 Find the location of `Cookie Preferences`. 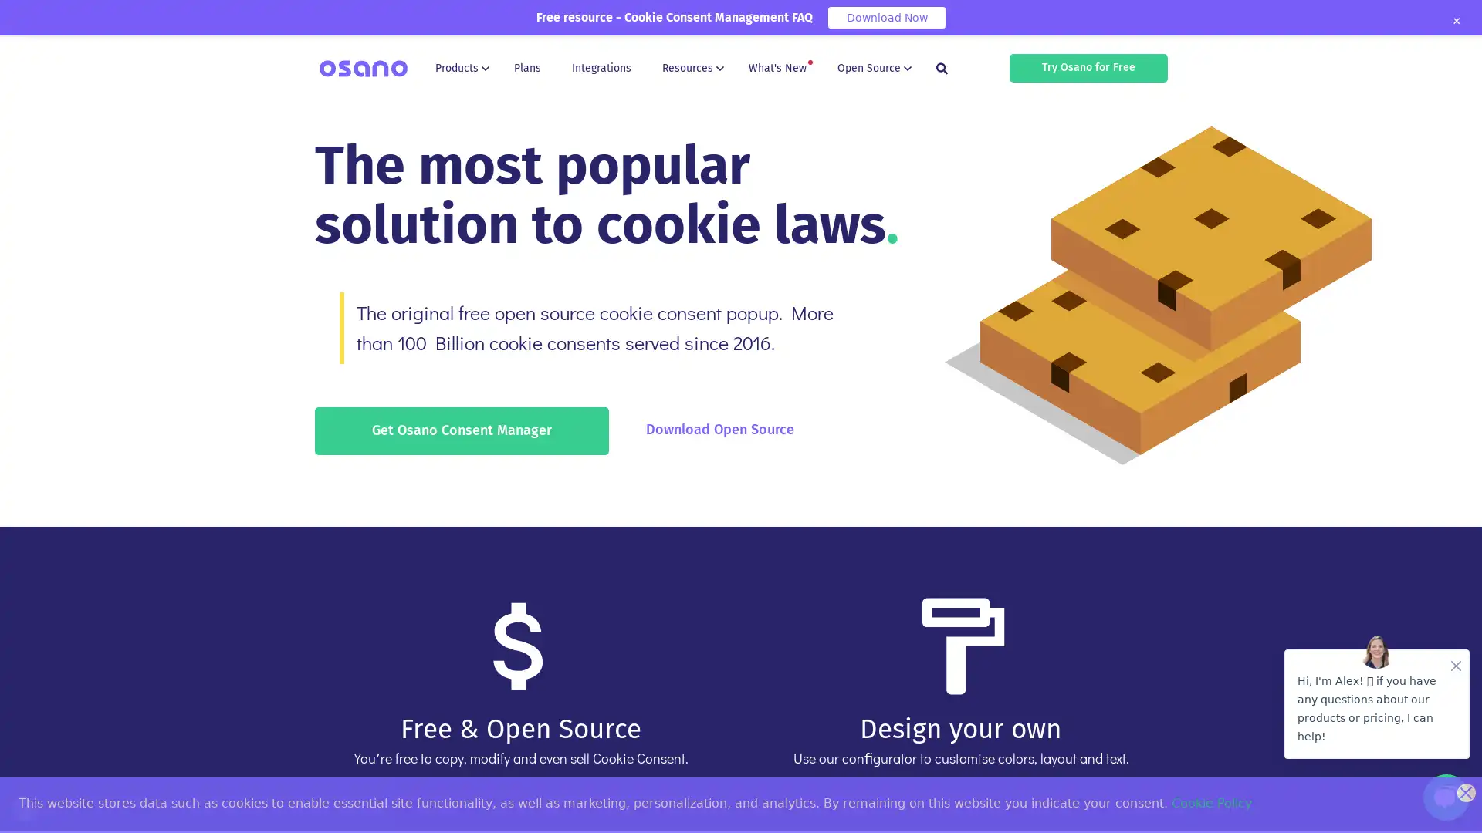

Cookie Preferences is located at coordinates (25, 808).